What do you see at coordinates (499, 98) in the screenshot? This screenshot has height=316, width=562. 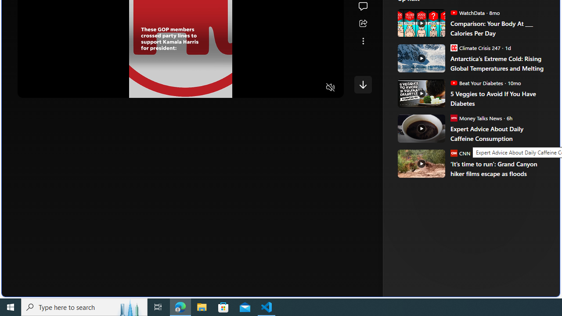 I see `'5 Veggies to Avoid If You Have Diabetes'` at bounding box center [499, 98].